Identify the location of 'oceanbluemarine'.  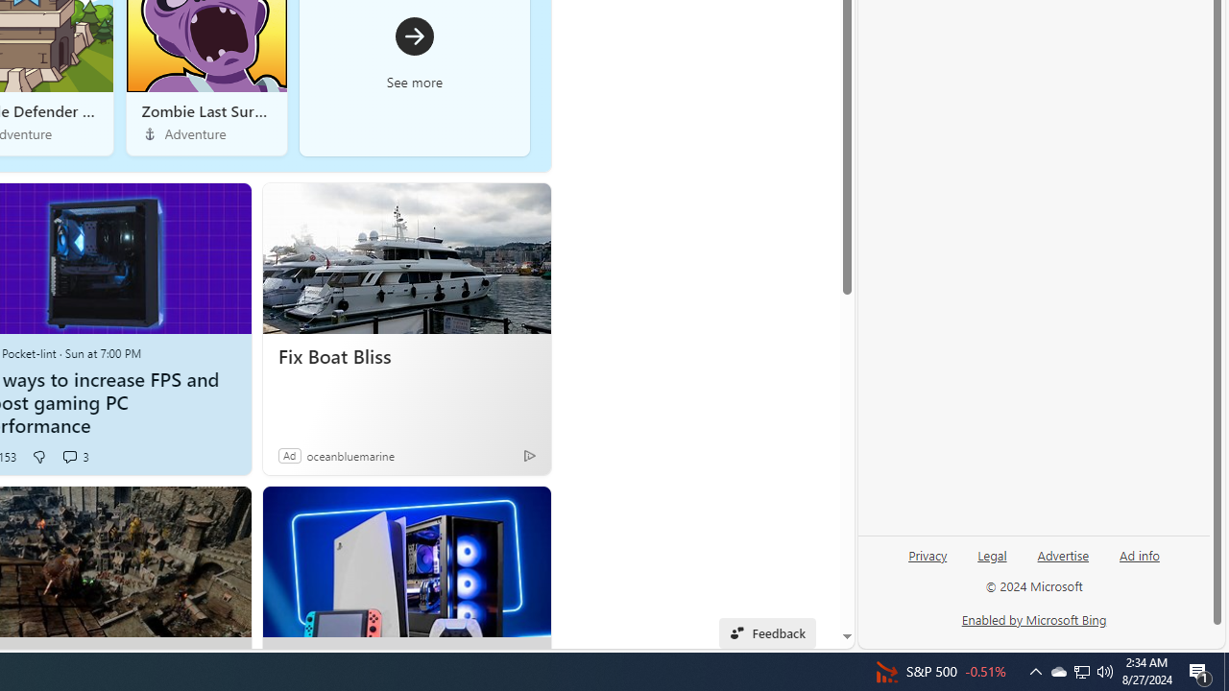
(349, 455).